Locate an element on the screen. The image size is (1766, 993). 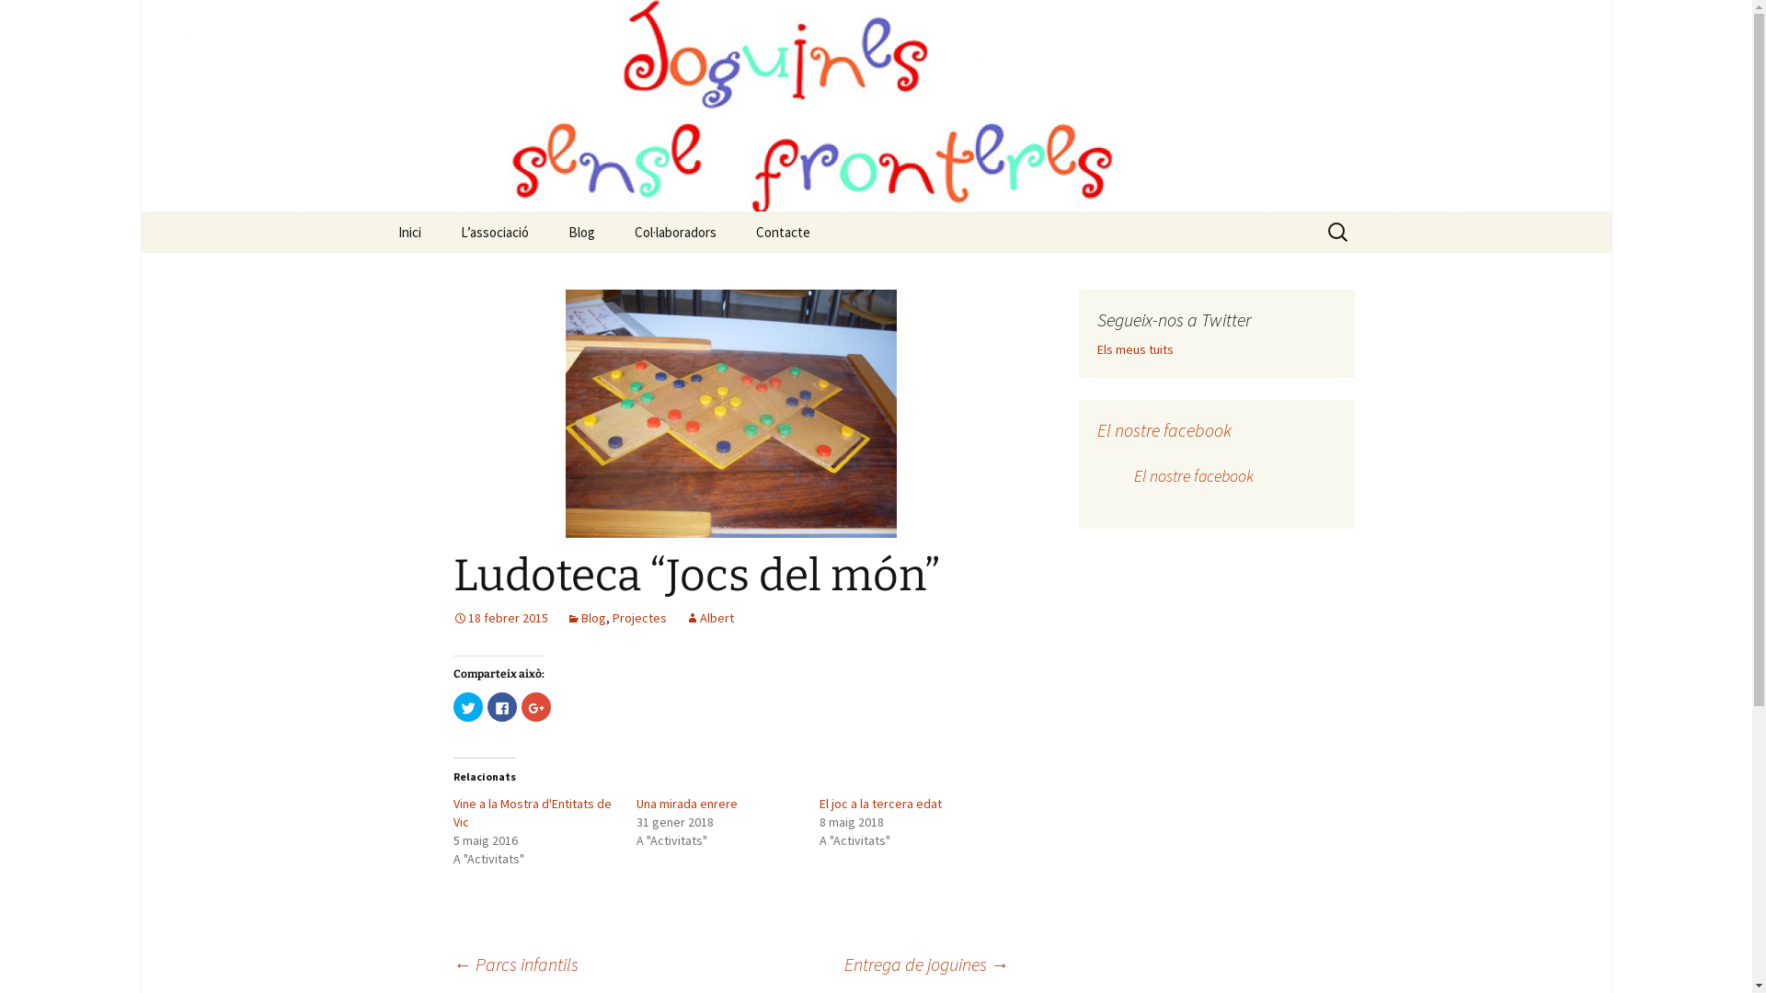
'El nostre facebook' is located at coordinates (1192, 474).